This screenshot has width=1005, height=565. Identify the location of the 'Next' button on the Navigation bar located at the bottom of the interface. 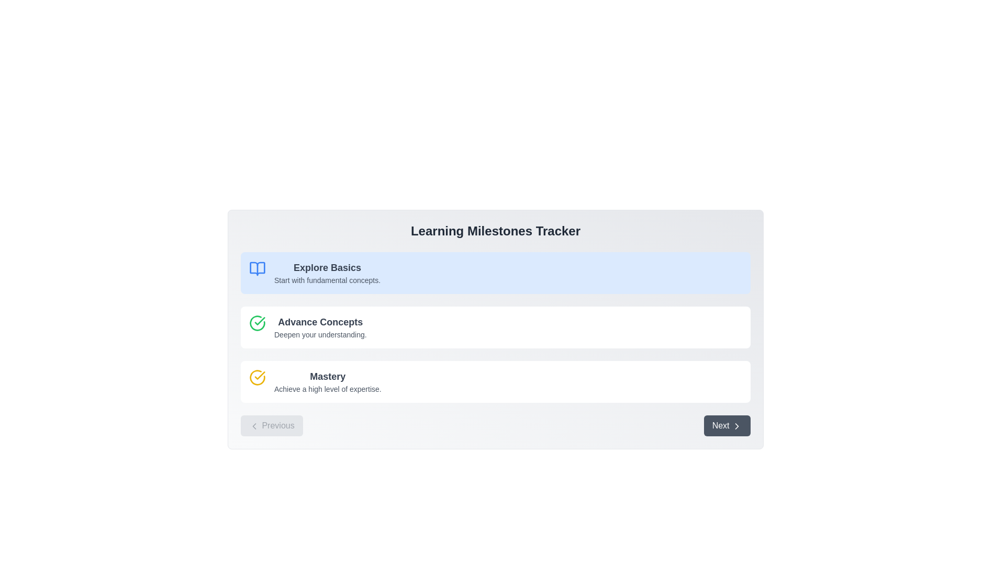
(495, 425).